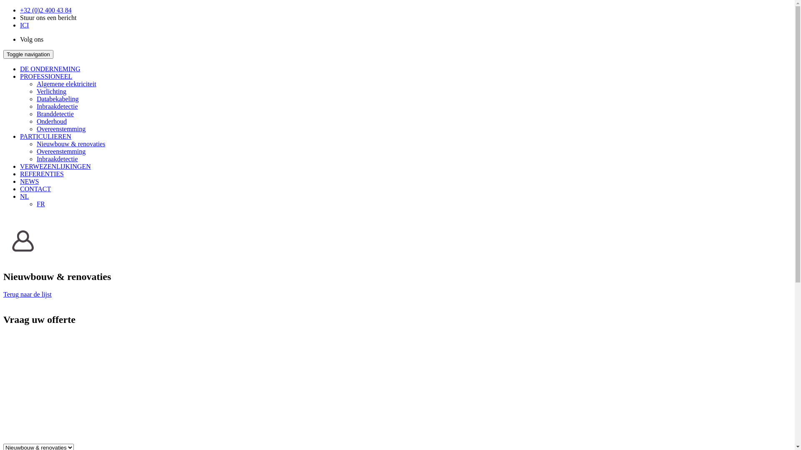 This screenshot has width=801, height=450. I want to click on 'DE ONDERNEMING', so click(20, 68).